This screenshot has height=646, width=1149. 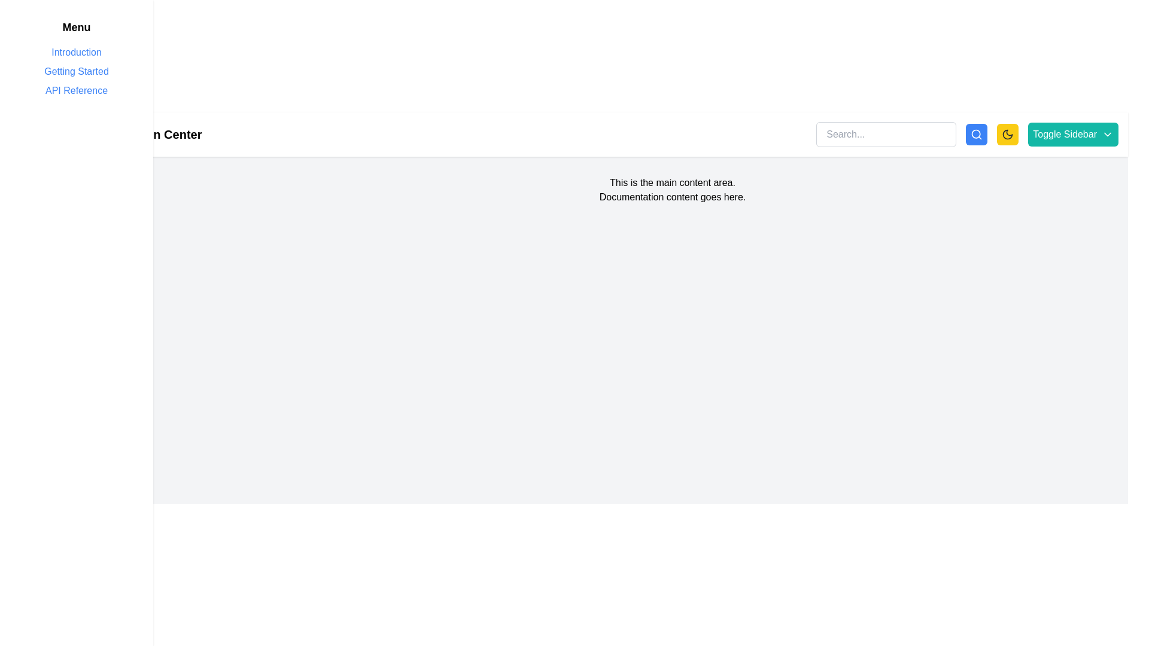 I want to click on the downward-pointing arrow icon located at the rightmost part of the 'Toggle Sidebar' button, so click(x=1107, y=134).